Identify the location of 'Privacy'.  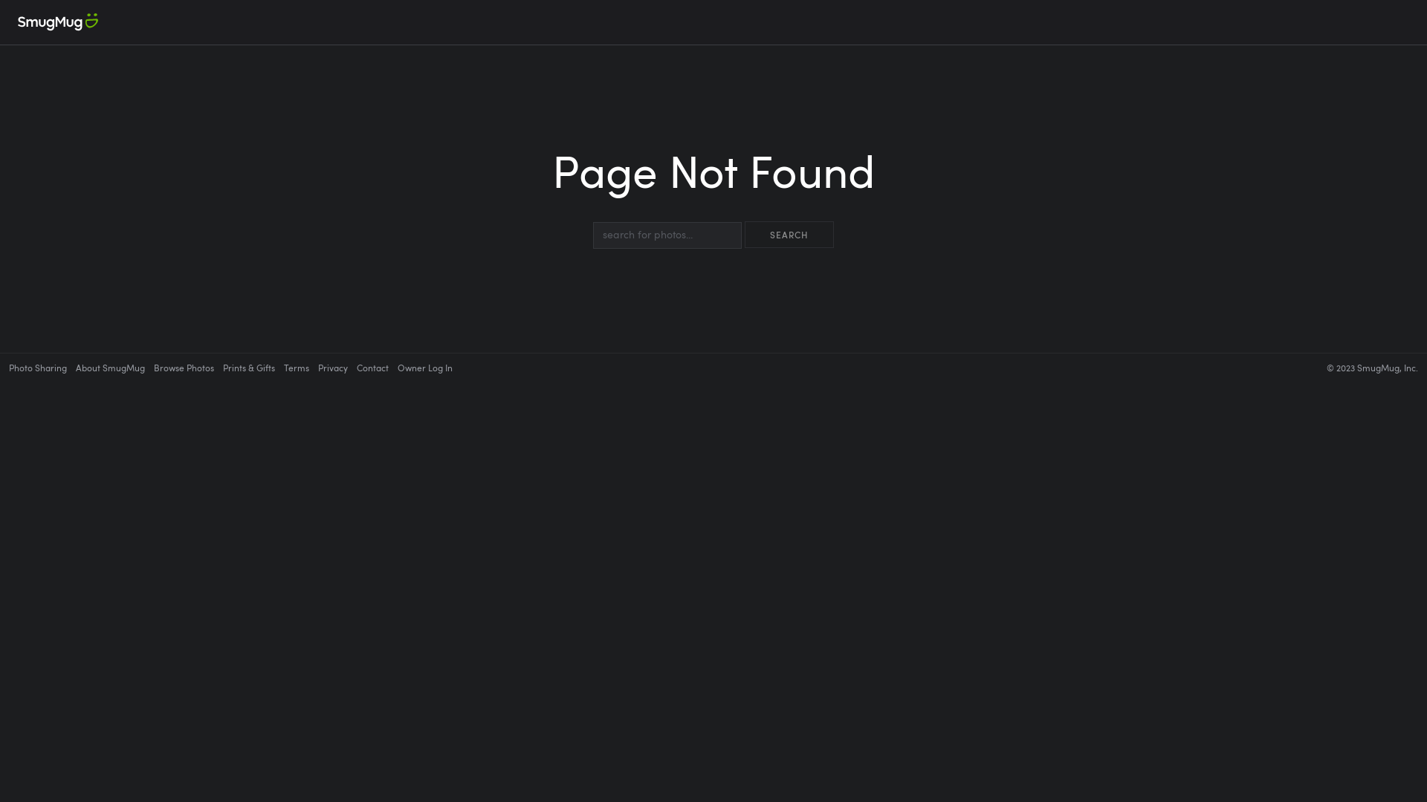
(331, 367).